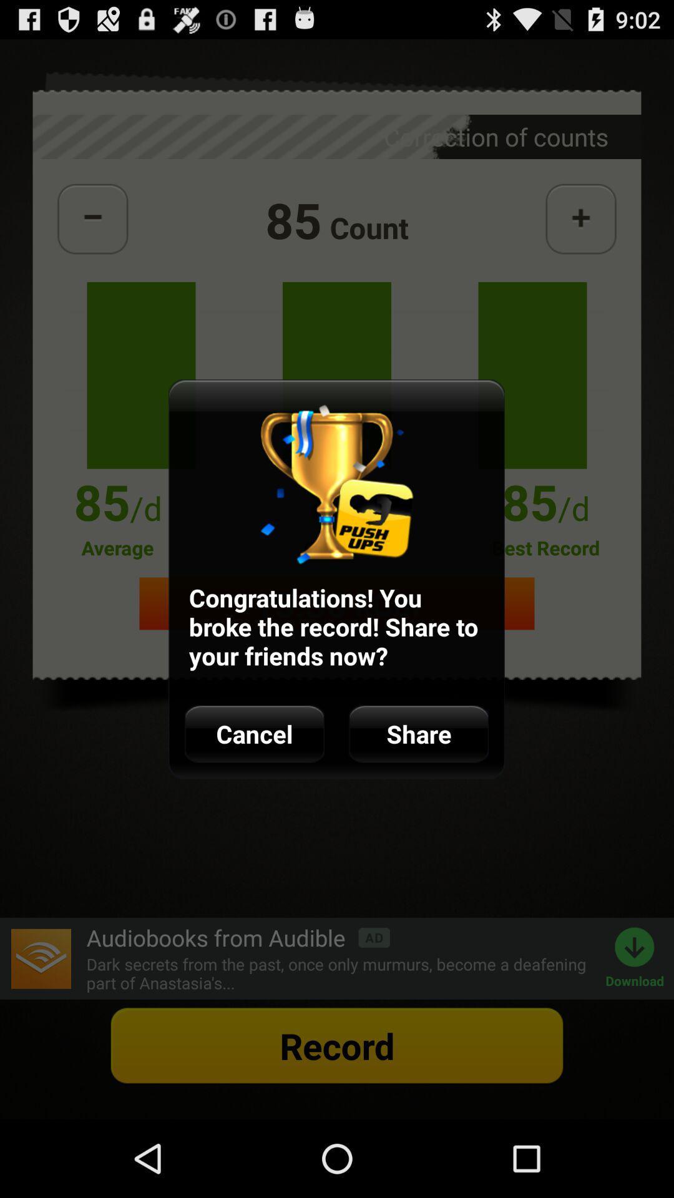  What do you see at coordinates (254, 734) in the screenshot?
I see `the item to the left of the share icon` at bounding box center [254, 734].